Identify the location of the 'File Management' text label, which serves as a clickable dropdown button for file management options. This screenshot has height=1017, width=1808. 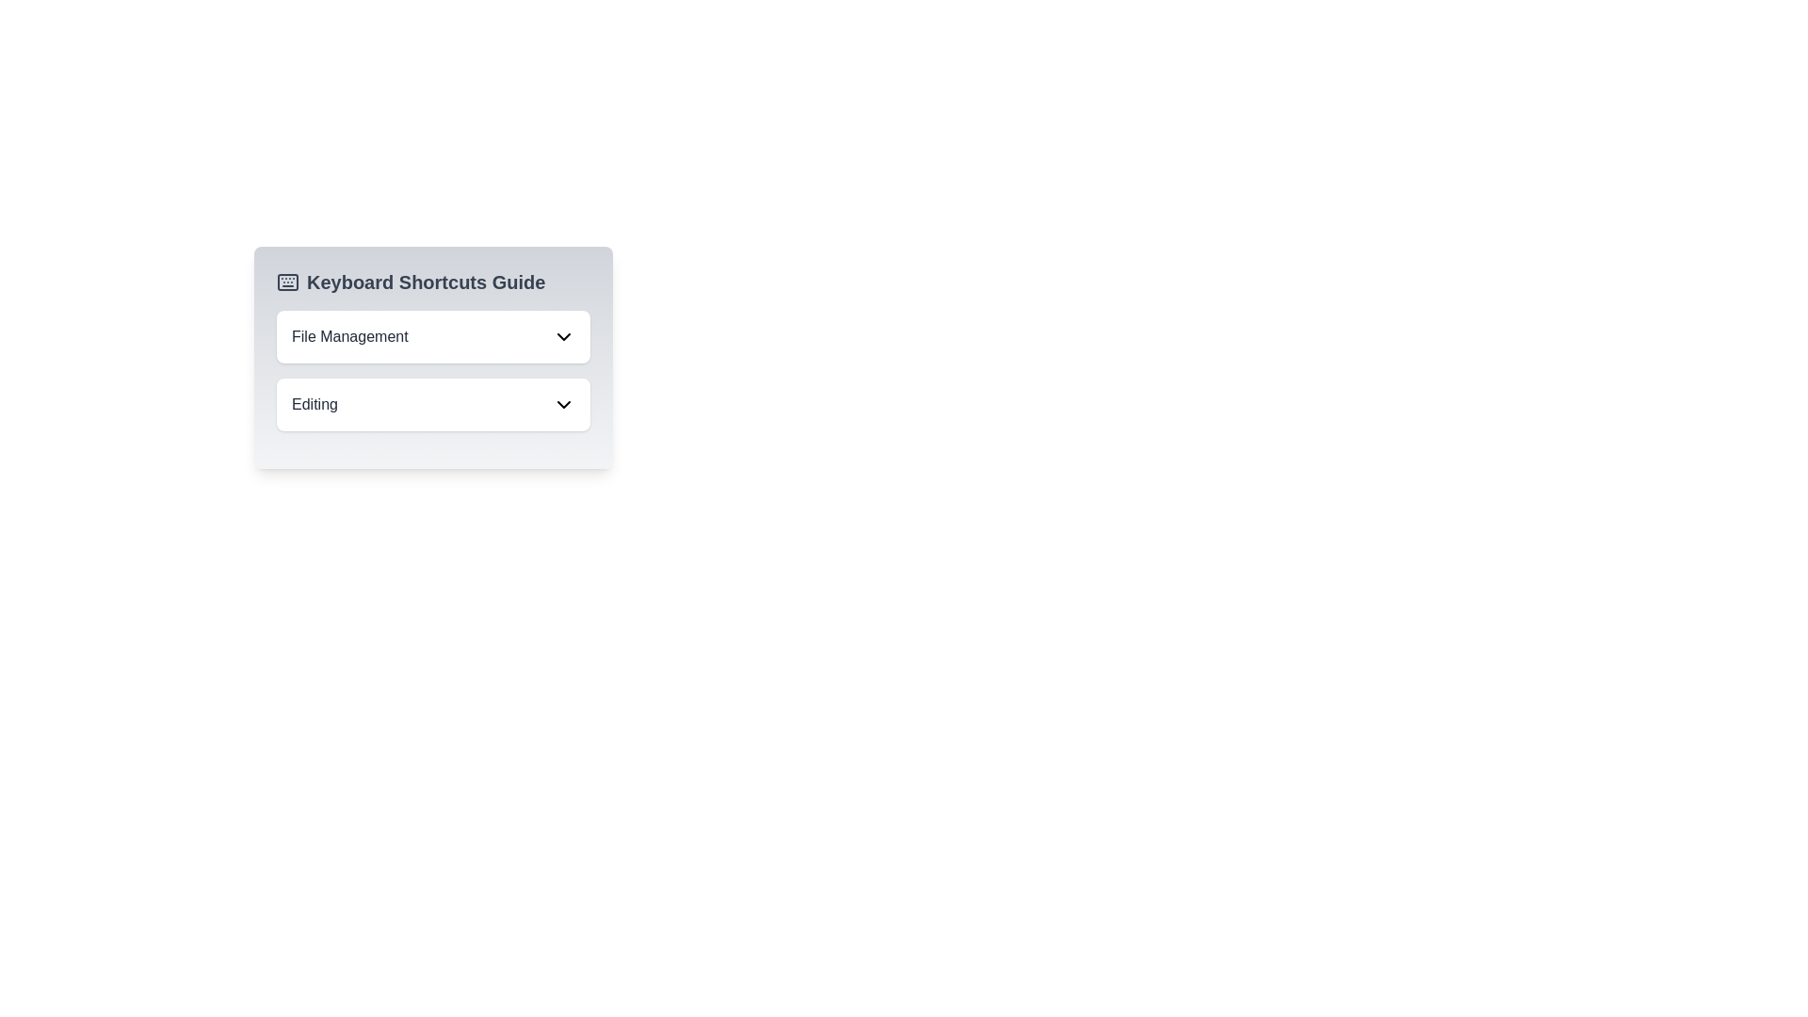
(349, 336).